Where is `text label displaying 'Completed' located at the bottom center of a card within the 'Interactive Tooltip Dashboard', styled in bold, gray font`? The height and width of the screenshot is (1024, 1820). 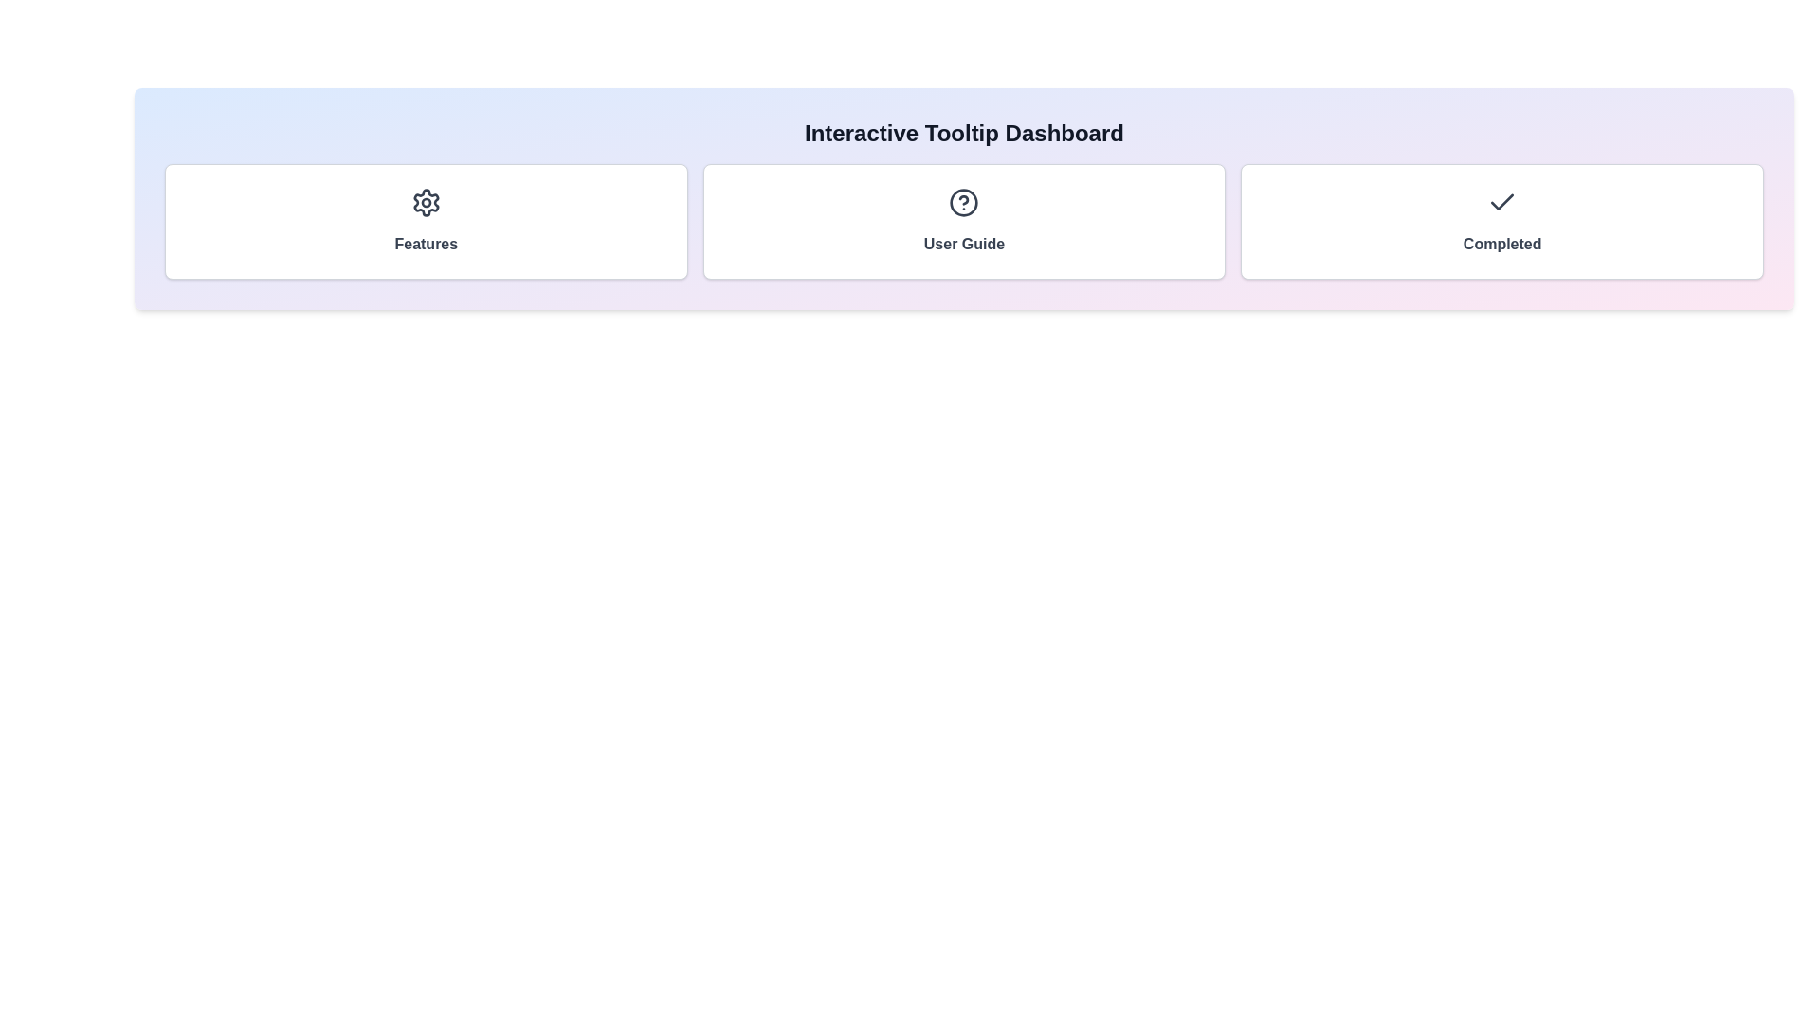 text label displaying 'Completed' located at the bottom center of a card within the 'Interactive Tooltip Dashboard', styled in bold, gray font is located at coordinates (1501, 244).